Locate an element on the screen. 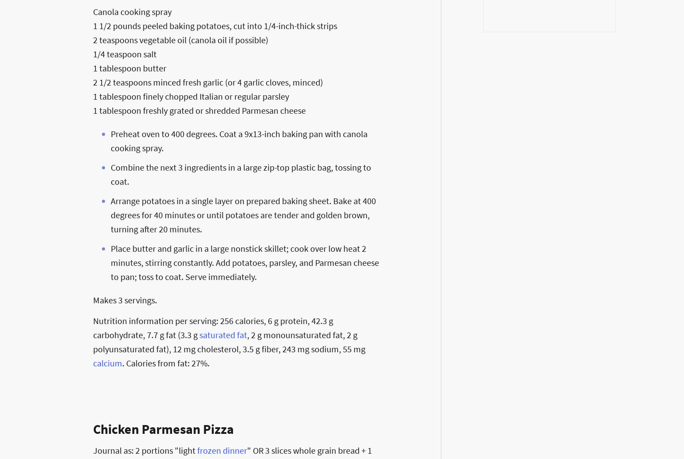  'Nutrition information per serving: 256 calories, 6 g protein, 42.3 g carbohydrate, 7.7 g fat (3.3 g' is located at coordinates (212, 327).